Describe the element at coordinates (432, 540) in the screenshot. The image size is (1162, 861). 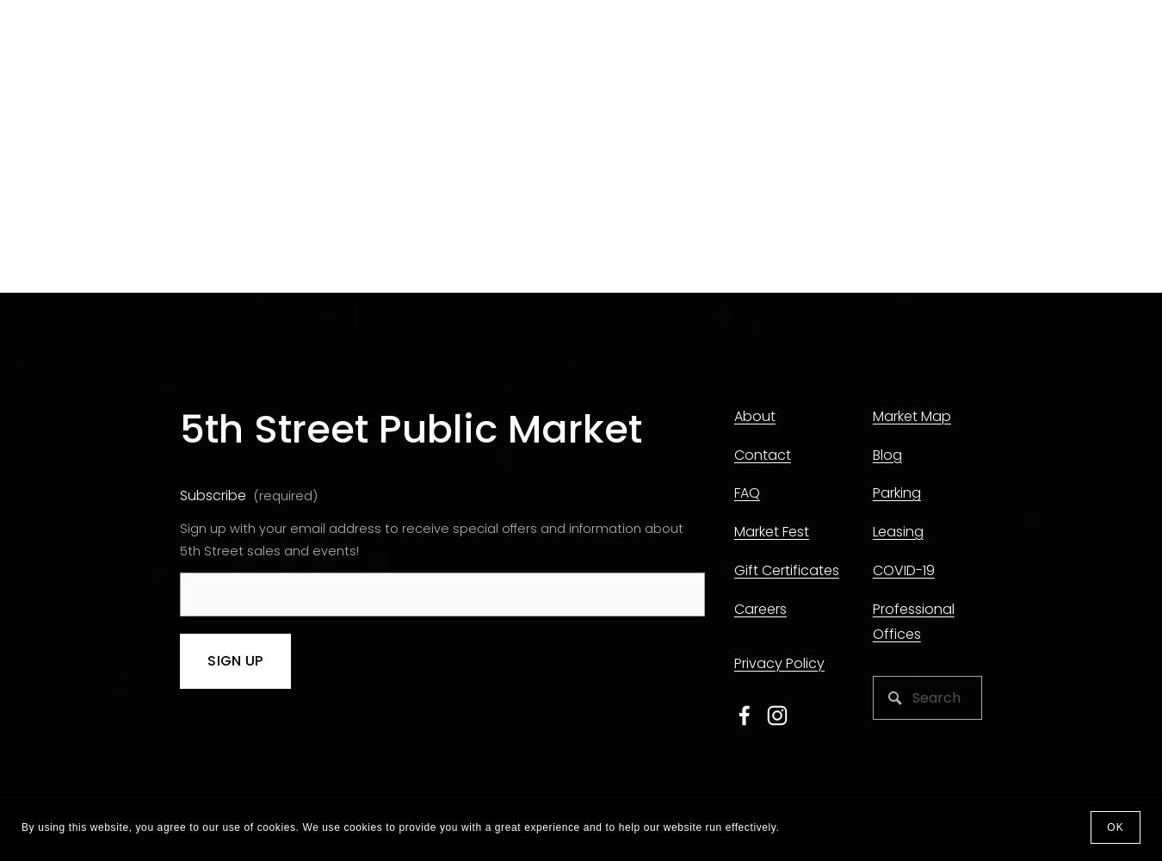
I see `'Sign up with your email address to receive special offers and information about 5th Street sales and events!'` at that location.